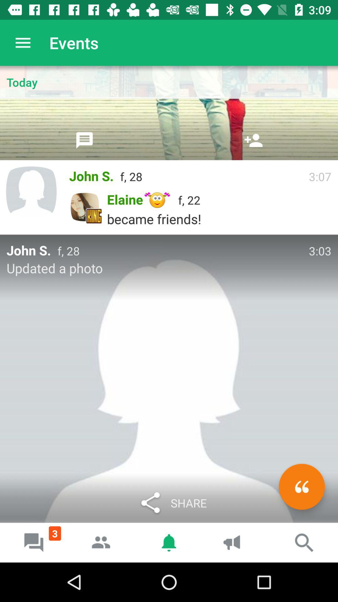 The width and height of the screenshot is (338, 602). I want to click on to friends, so click(253, 140).